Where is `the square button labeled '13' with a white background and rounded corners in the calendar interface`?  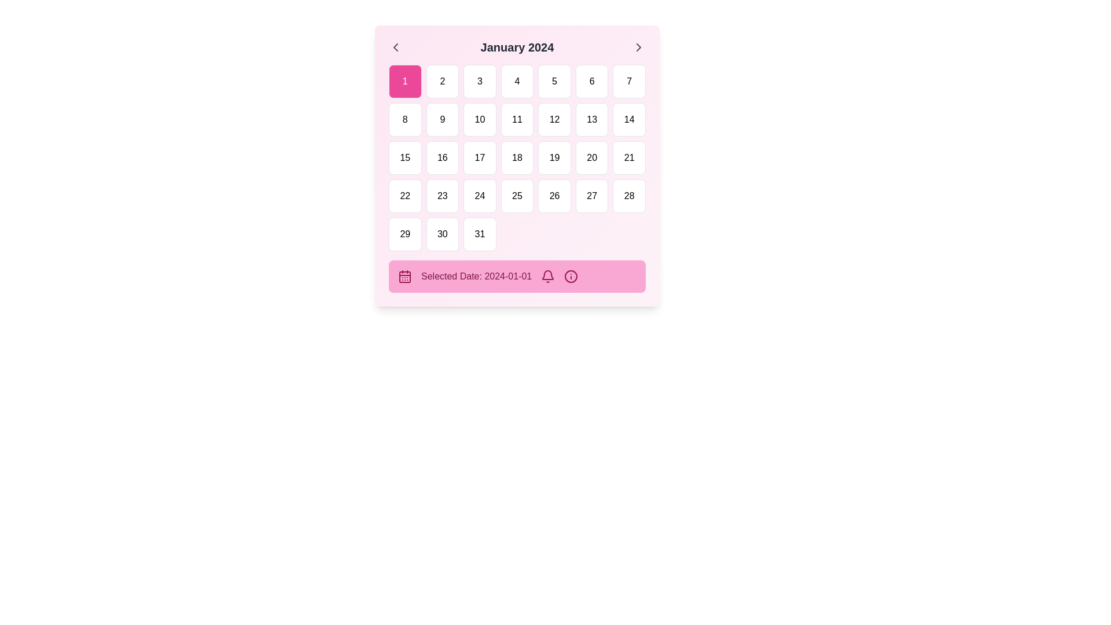 the square button labeled '13' with a white background and rounded corners in the calendar interface is located at coordinates (592, 120).